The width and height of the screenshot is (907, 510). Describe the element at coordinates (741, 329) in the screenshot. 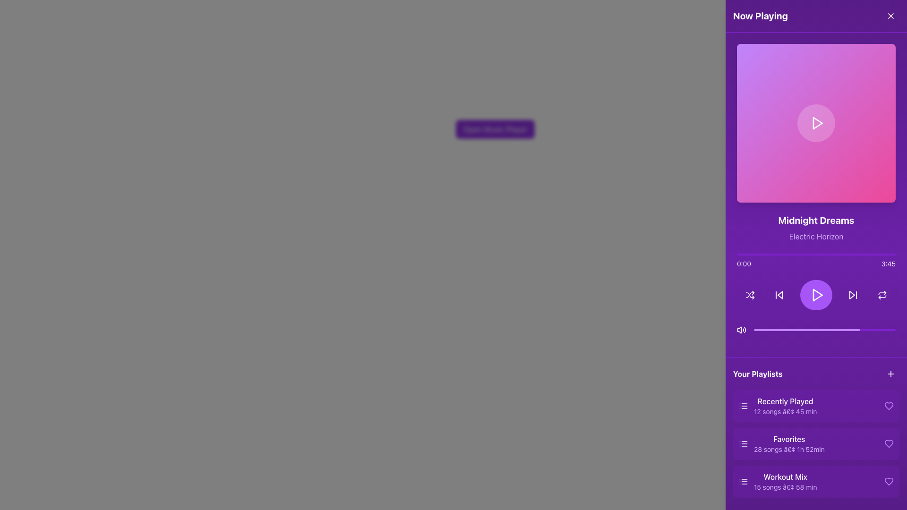

I see `the speaker icon with waves, which is styled in white on a purple background and located` at that location.